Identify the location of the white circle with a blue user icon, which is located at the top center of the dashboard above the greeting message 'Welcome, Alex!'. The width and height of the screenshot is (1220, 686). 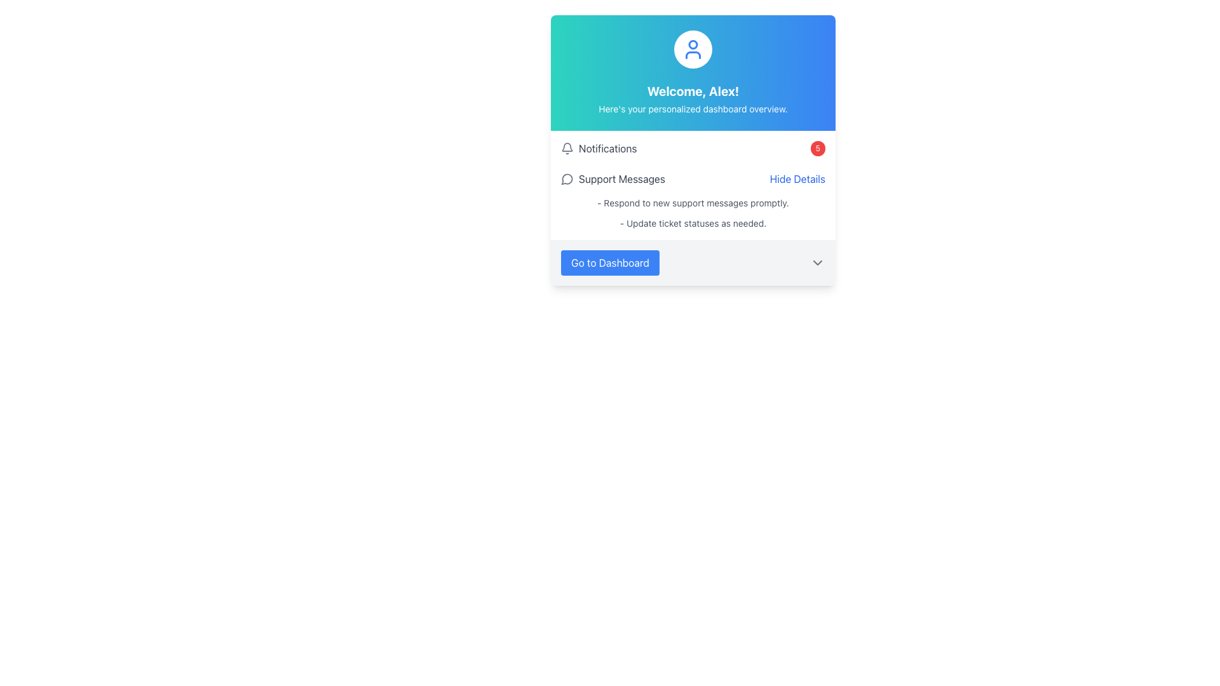
(692, 48).